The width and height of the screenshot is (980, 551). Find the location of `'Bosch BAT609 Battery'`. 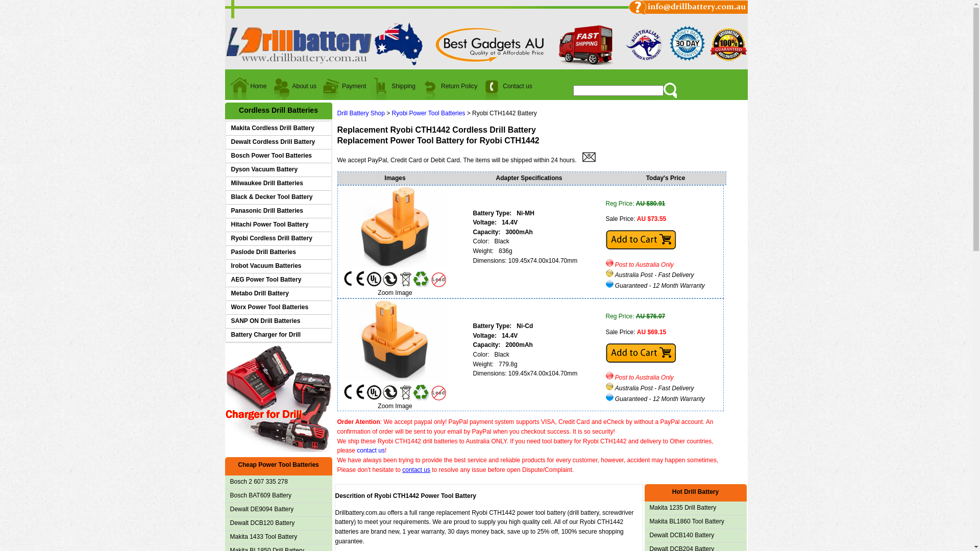

'Bosch BAT609 Battery' is located at coordinates (278, 495).